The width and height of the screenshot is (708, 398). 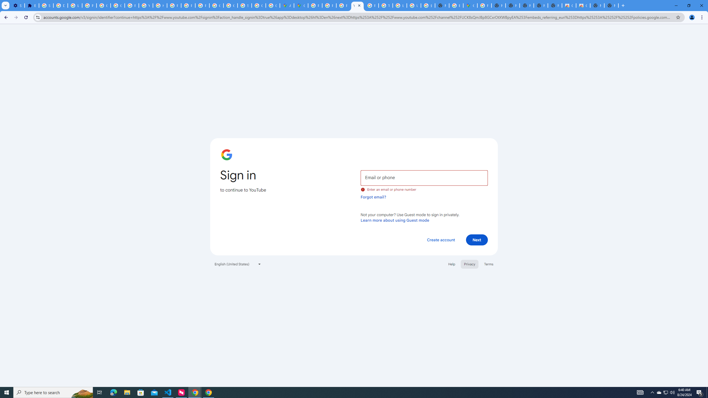 What do you see at coordinates (301, 5) in the screenshot?
I see `'Google Maps'` at bounding box center [301, 5].